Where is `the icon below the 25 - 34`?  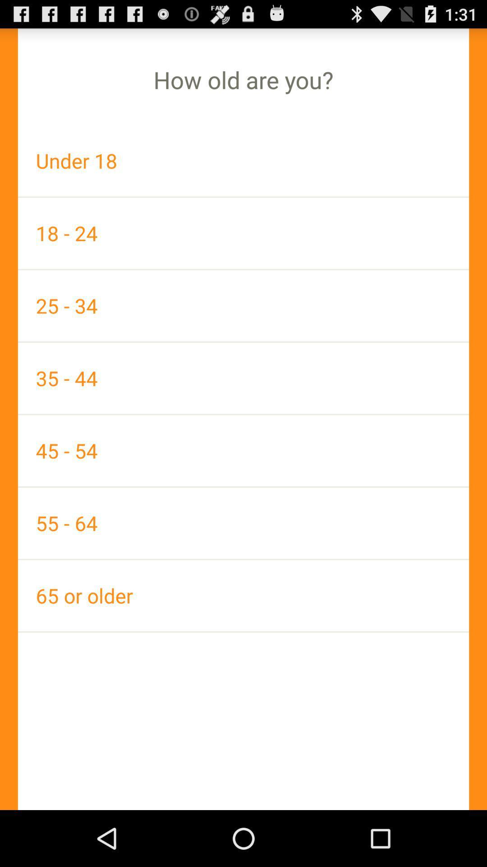
the icon below the 25 - 34 is located at coordinates (243, 378).